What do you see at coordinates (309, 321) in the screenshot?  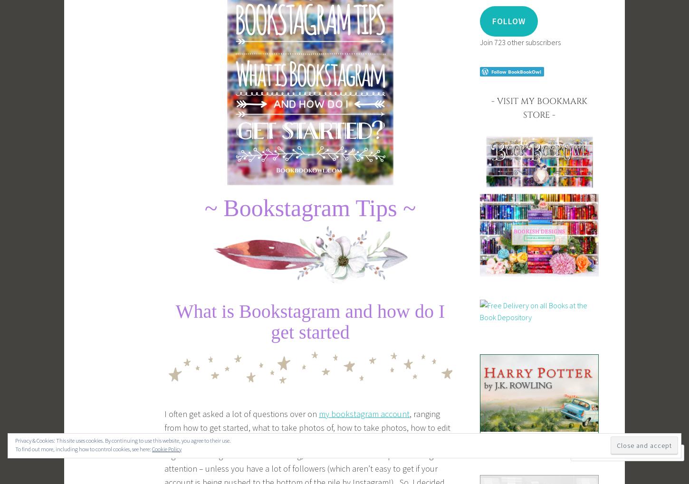 I see `'What is Bookstagram and how do I get started'` at bounding box center [309, 321].